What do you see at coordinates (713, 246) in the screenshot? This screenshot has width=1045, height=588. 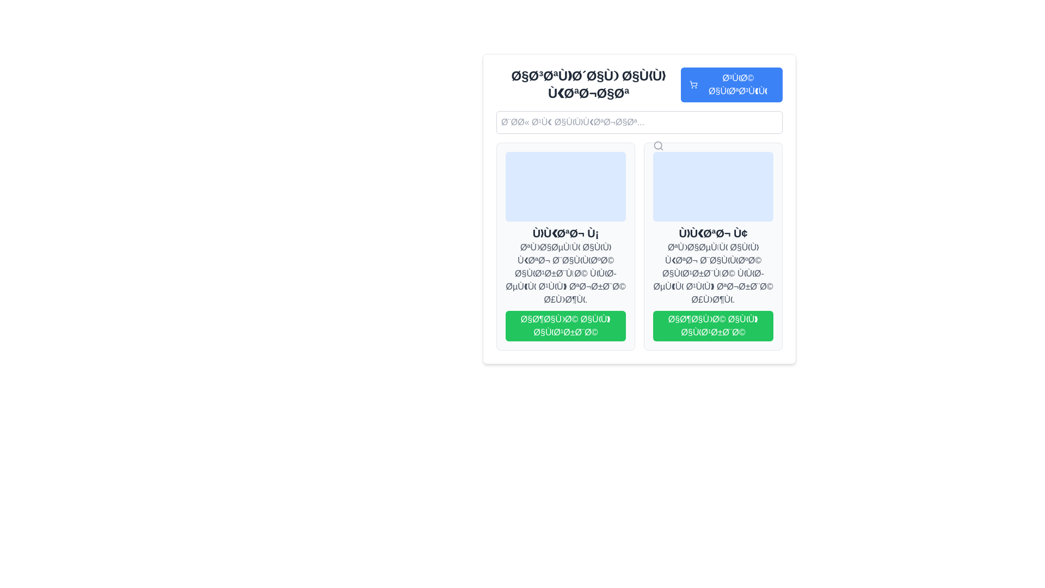 I see `the product card located in the top-right corner of the grid layout` at bounding box center [713, 246].